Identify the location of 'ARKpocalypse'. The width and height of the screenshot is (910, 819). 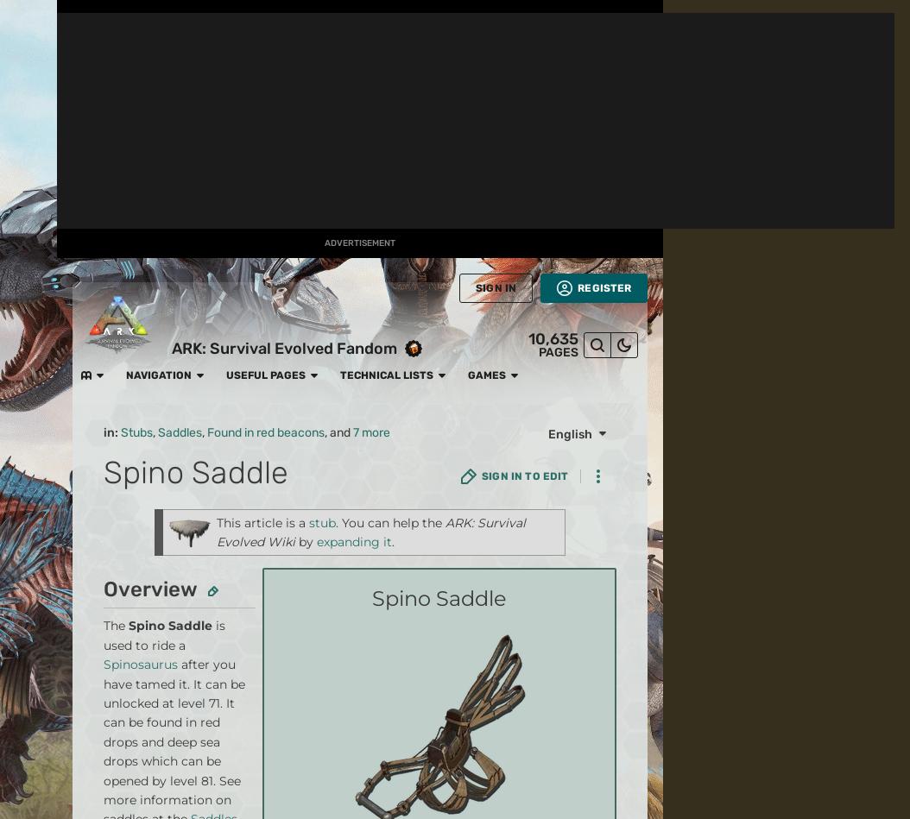
(275, 48).